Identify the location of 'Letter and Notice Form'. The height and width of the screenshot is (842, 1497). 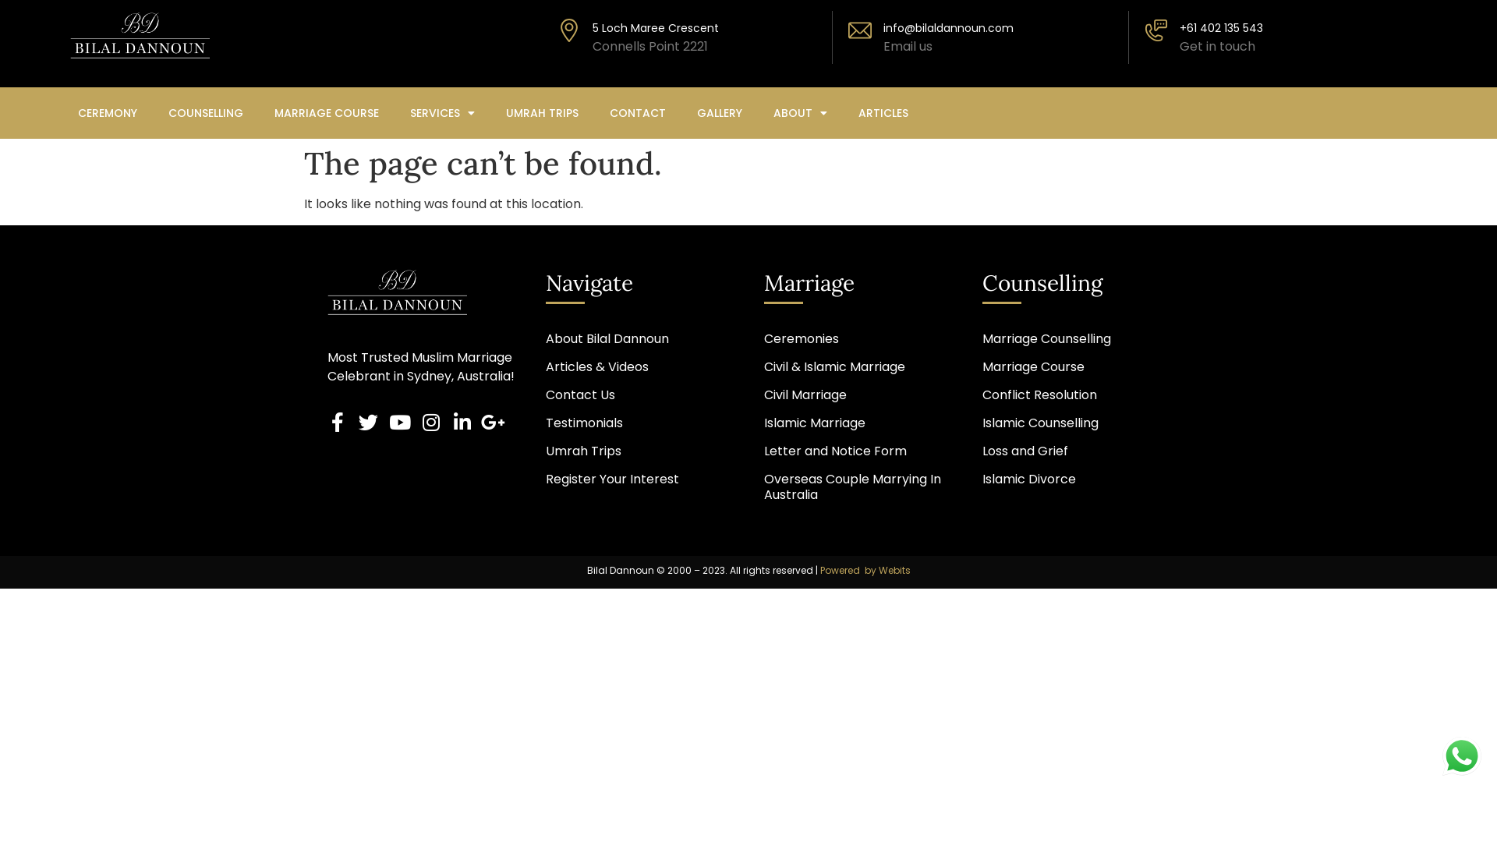
(763, 451).